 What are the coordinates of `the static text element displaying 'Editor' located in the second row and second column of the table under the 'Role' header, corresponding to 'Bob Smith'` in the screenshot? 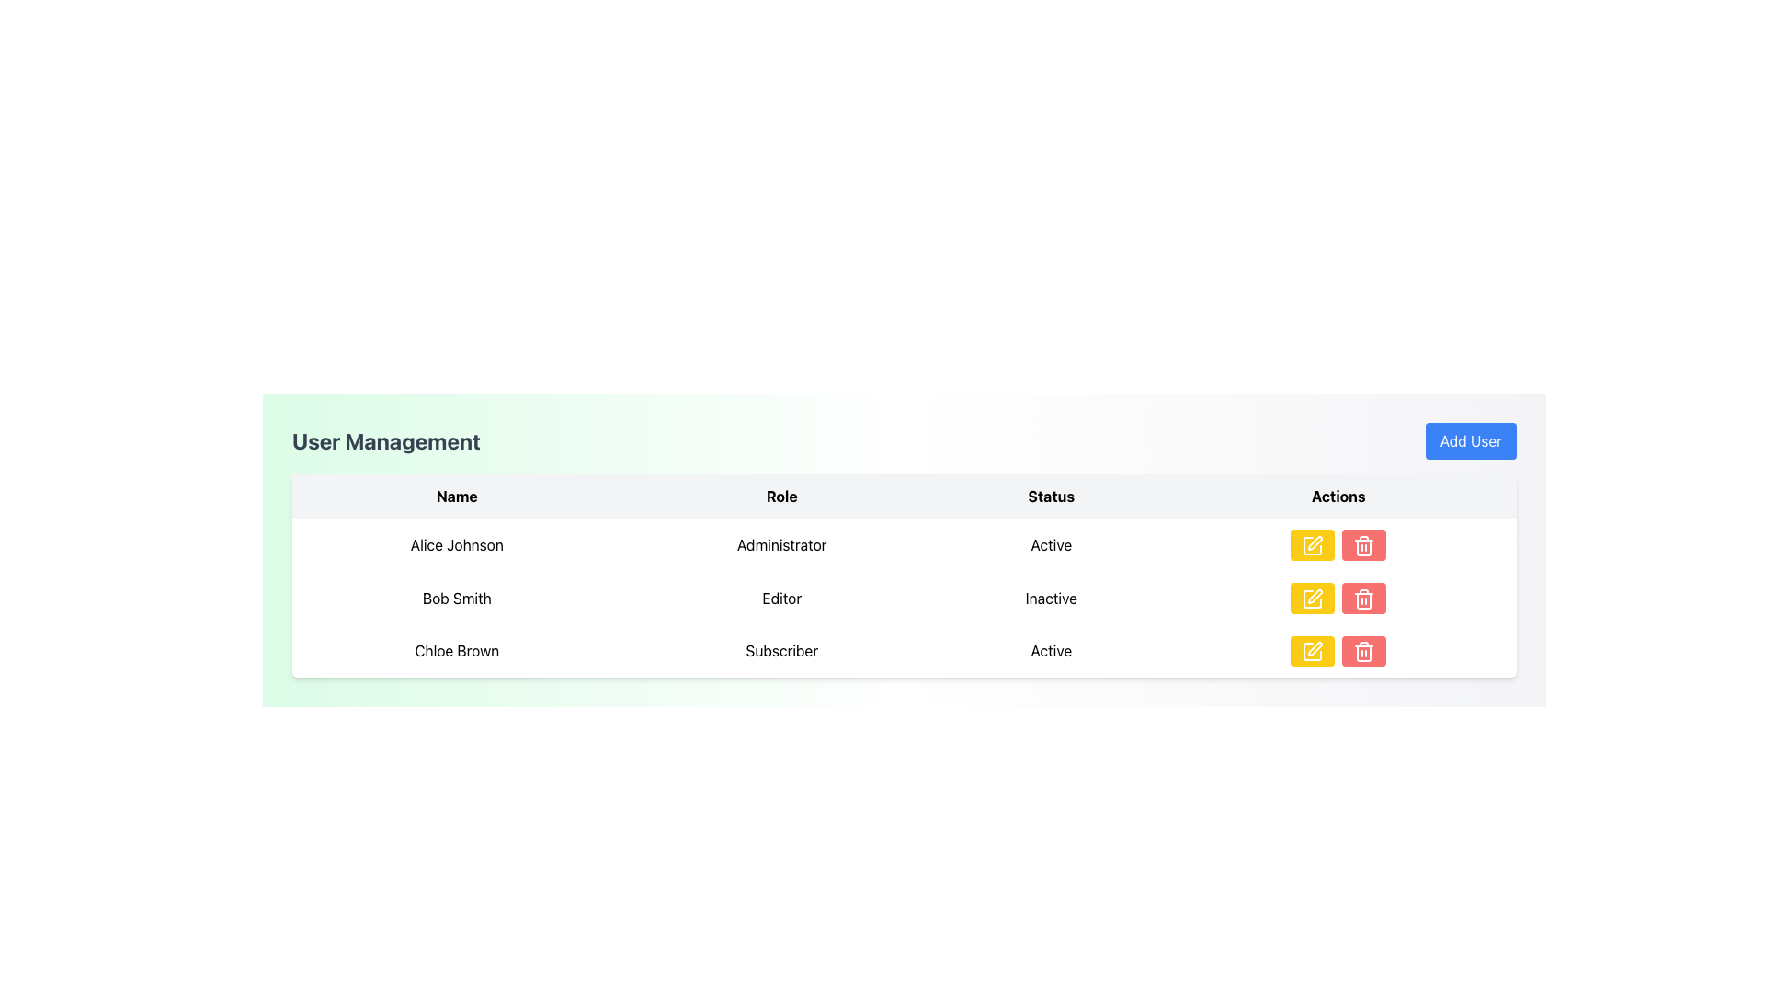 It's located at (781, 598).